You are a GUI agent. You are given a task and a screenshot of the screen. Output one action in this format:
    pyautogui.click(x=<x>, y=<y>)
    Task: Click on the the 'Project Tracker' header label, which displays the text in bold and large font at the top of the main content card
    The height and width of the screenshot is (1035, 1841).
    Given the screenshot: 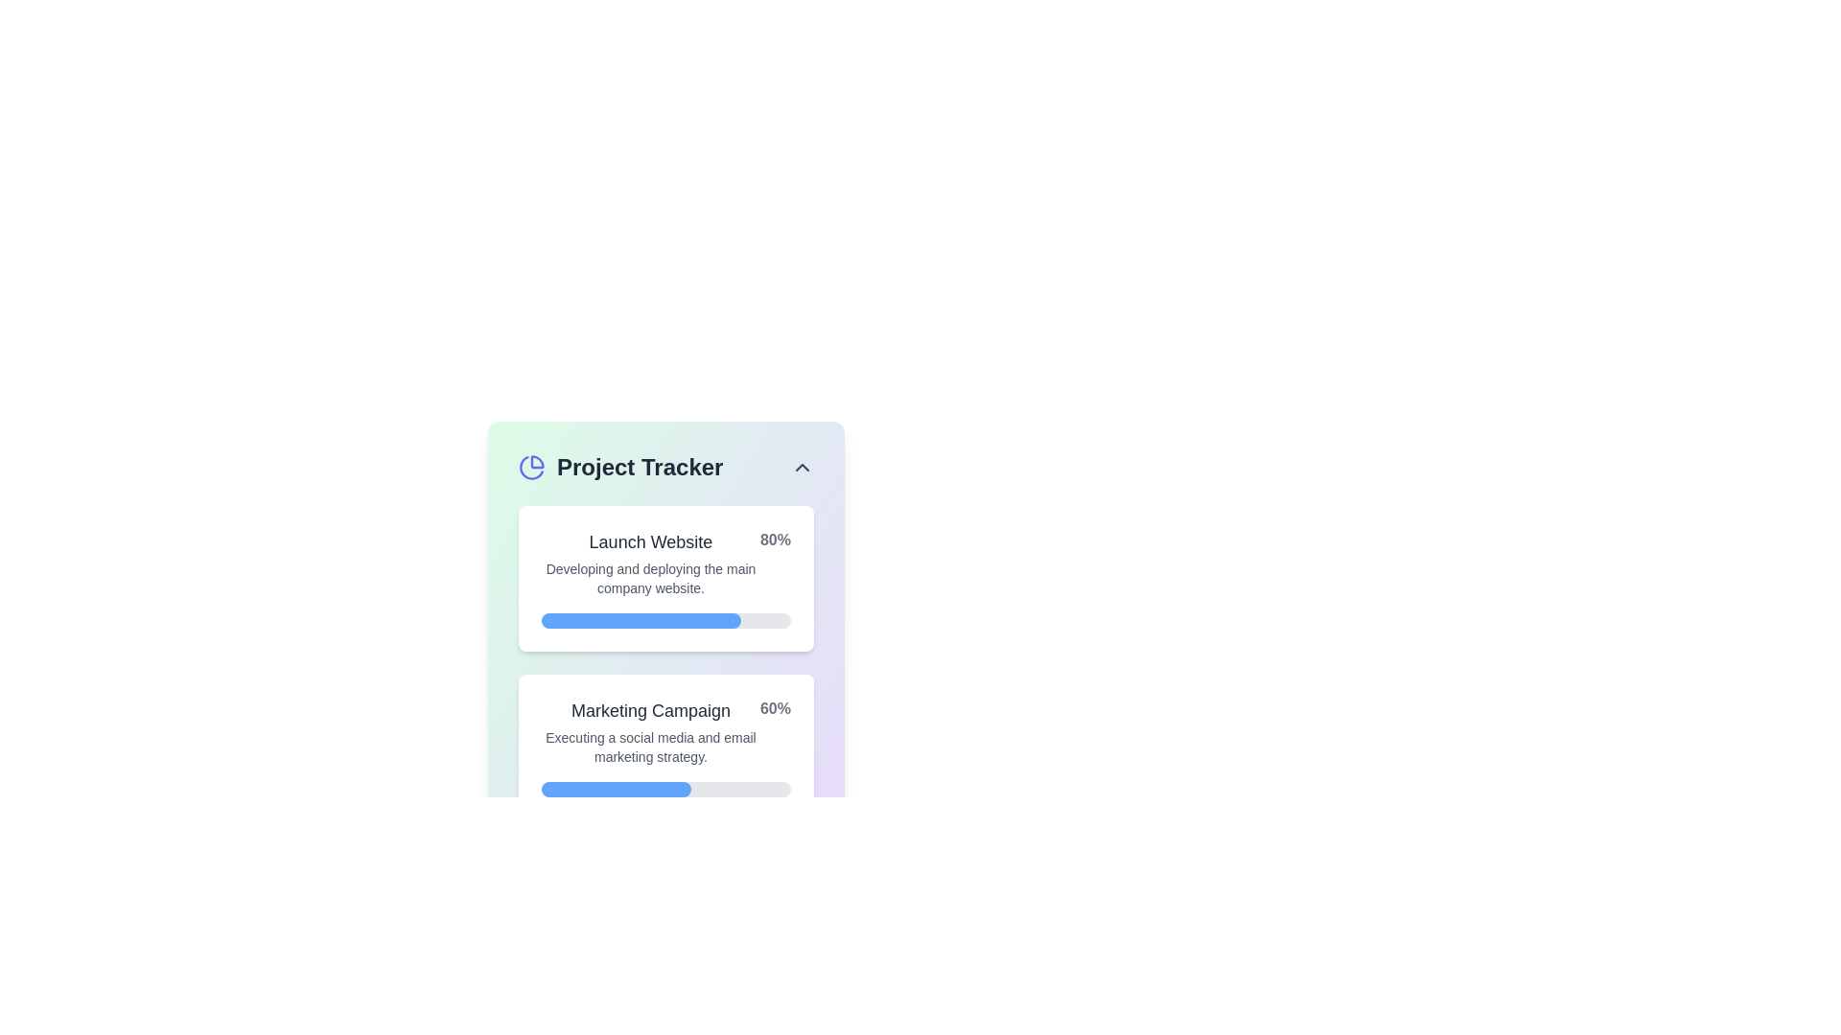 What is the action you would take?
    pyautogui.click(x=666, y=468)
    